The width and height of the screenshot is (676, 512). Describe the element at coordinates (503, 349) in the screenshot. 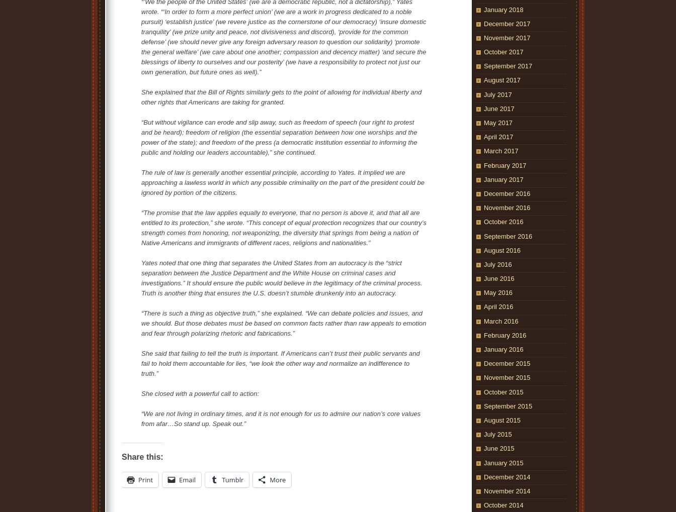

I see `'January 2016'` at that location.